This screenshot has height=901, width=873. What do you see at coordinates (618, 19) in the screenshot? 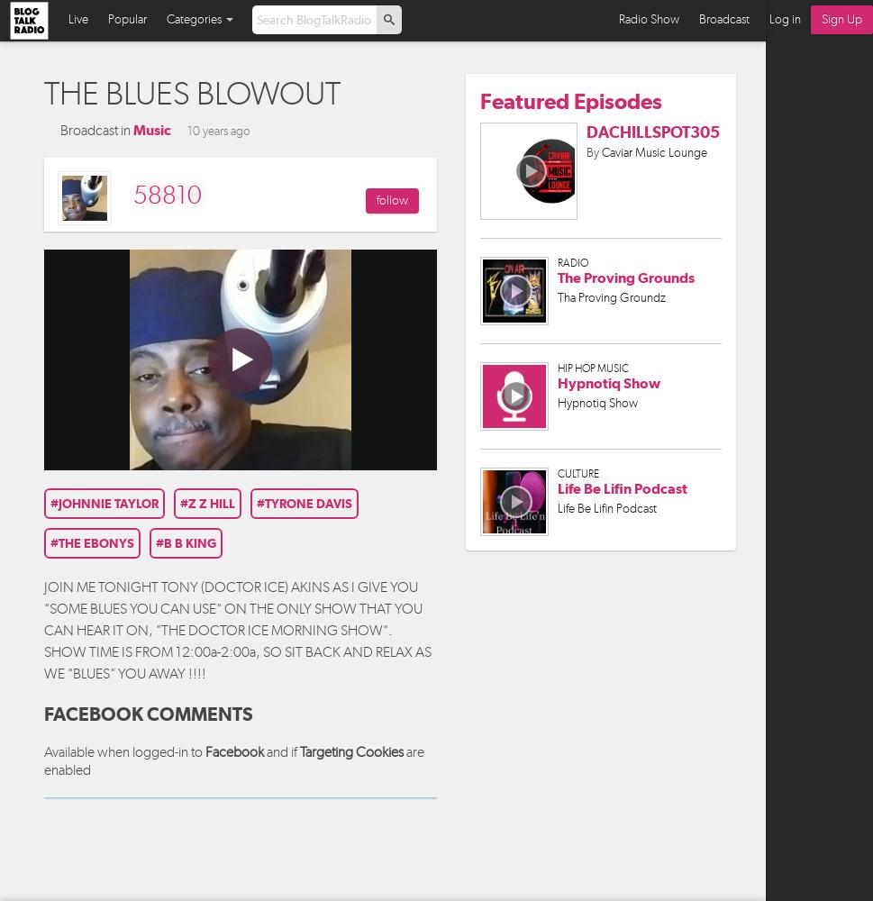
I see `'Radio Show'` at bounding box center [618, 19].